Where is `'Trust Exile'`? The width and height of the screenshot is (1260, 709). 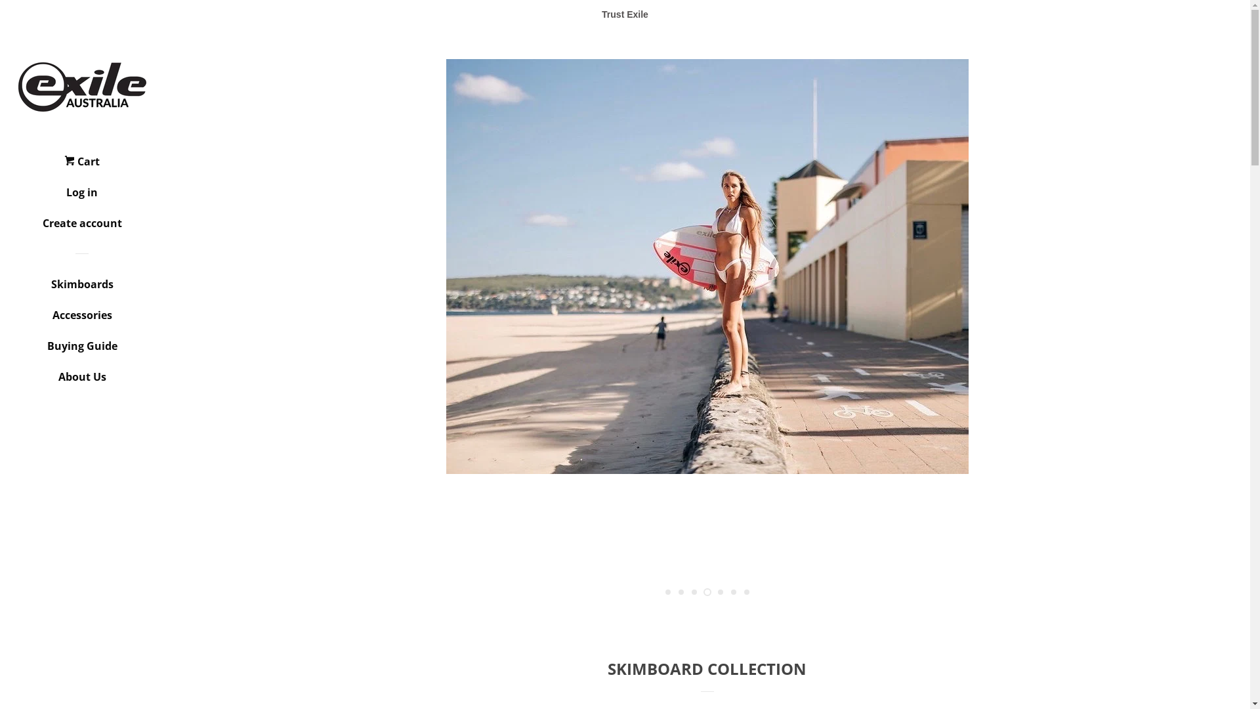
'Trust Exile' is located at coordinates (624, 14).